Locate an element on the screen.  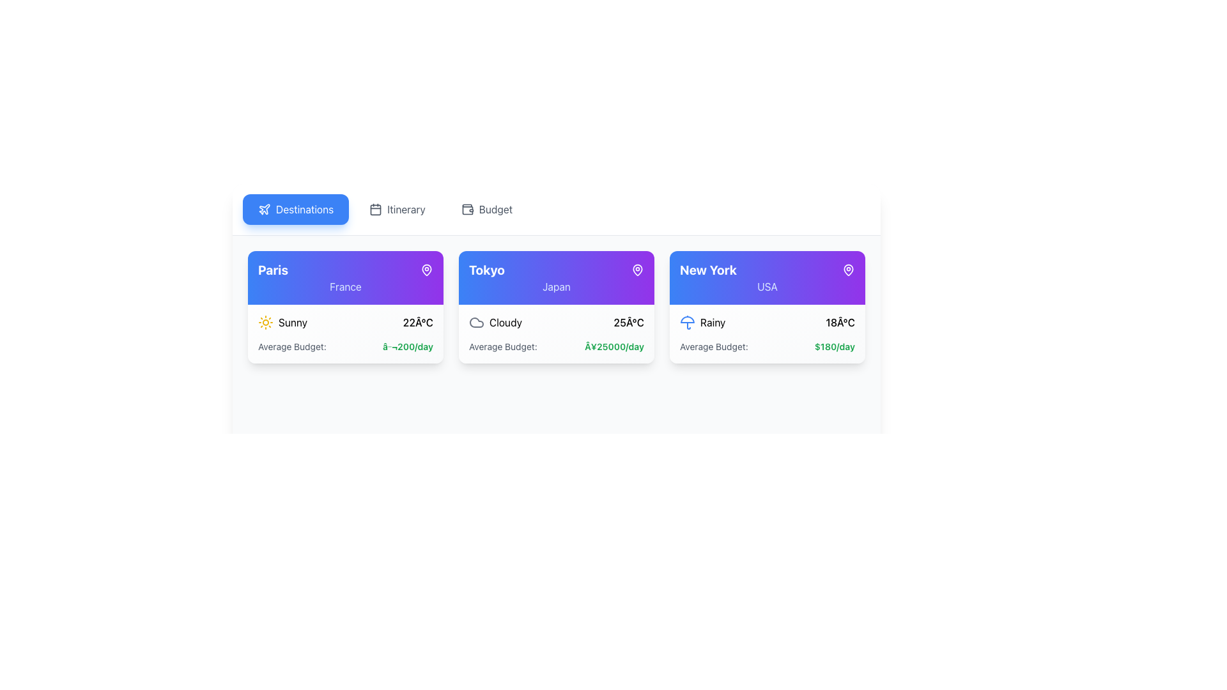
the text label 'Average Budget:' which is styled in gray and located below the weather description within the 'New York, USA' card is located at coordinates (713, 347).